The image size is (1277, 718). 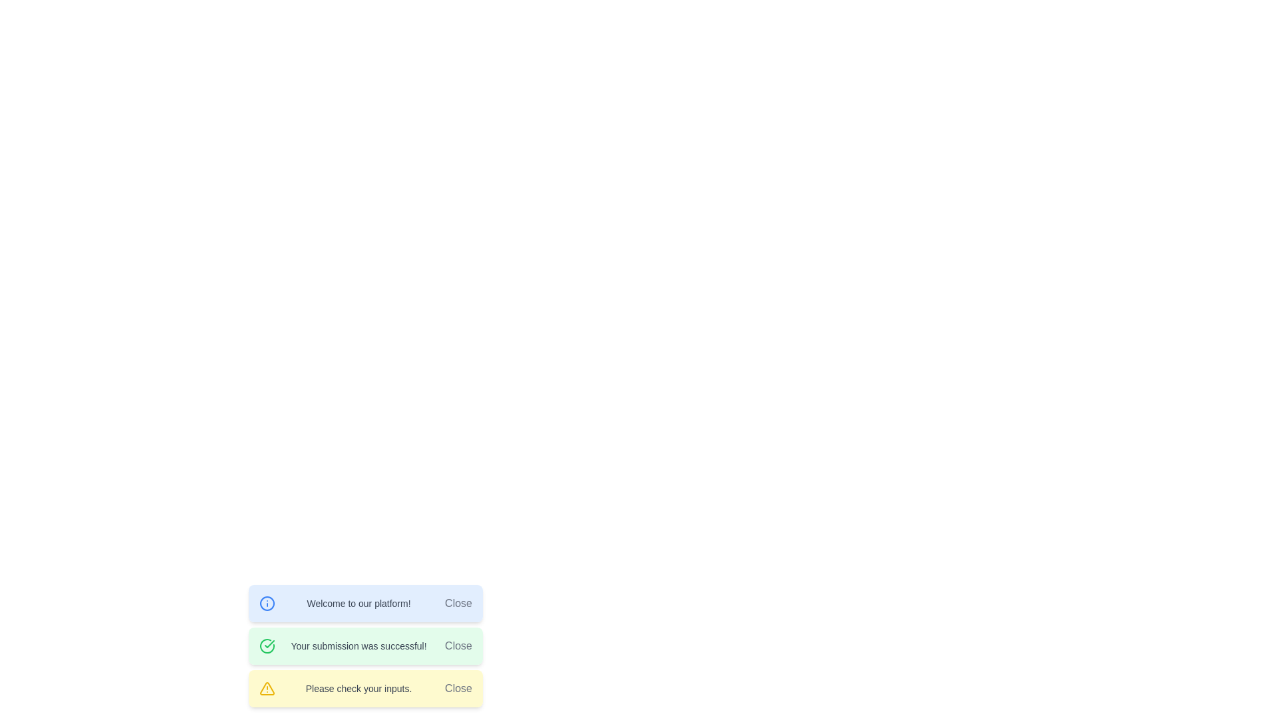 I want to click on the 'Close' button on the third warning notification box, which informs the user about an issue with their inputs, so click(x=366, y=688).